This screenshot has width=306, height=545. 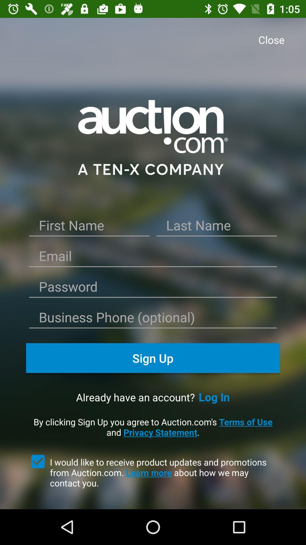 What do you see at coordinates (38, 462) in the screenshot?
I see `the icon below by clicking sign` at bounding box center [38, 462].